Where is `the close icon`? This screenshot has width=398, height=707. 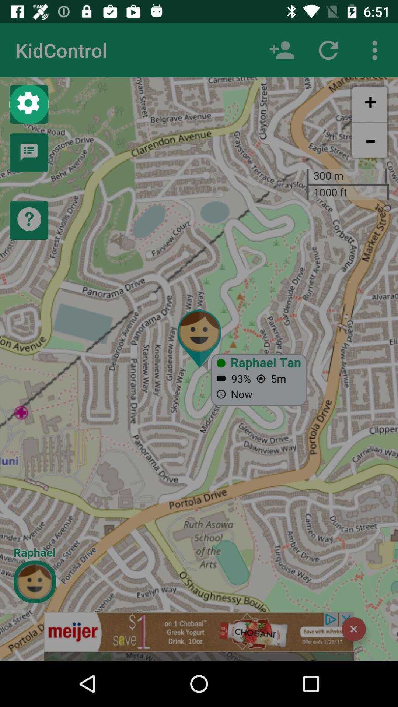 the close icon is located at coordinates (353, 629).